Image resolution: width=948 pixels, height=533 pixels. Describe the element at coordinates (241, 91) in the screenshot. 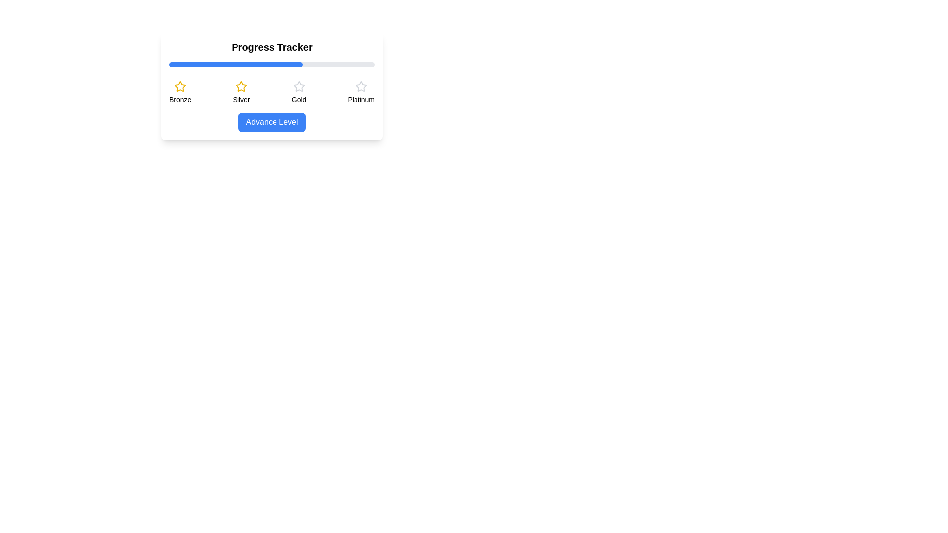

I see `the informational display item featuring a yellow star icon and the text 'Silver', which is the second element in a group of four, located below the progress indicator bar` at that location.